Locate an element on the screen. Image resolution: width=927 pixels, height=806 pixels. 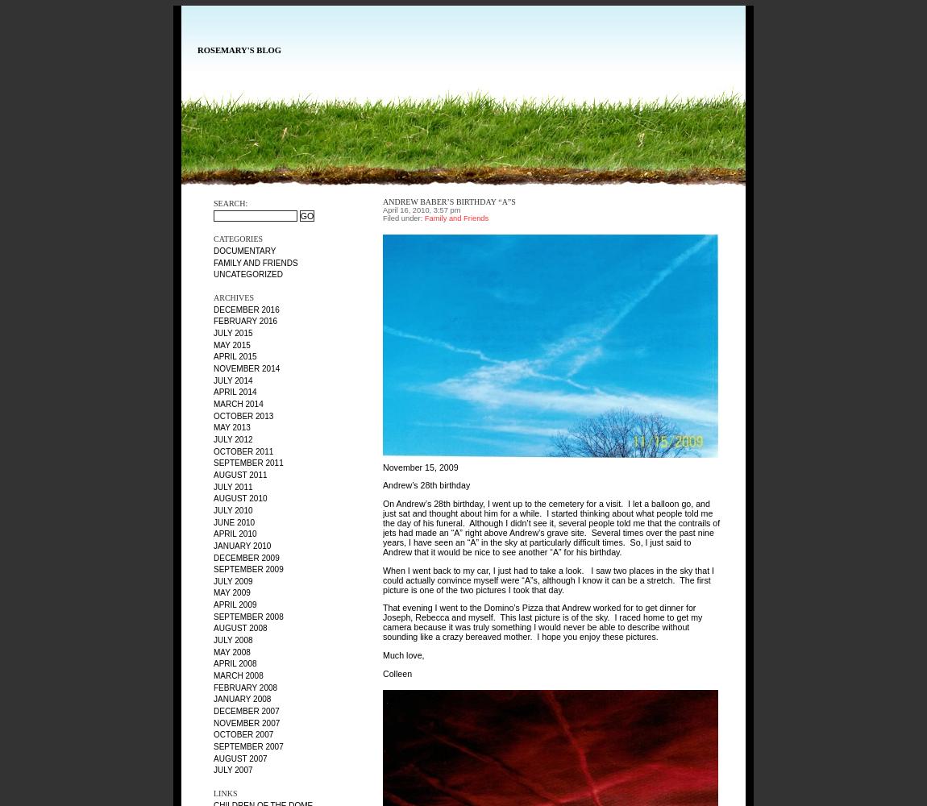
'October 2007' is located at coordinates (243, 734).